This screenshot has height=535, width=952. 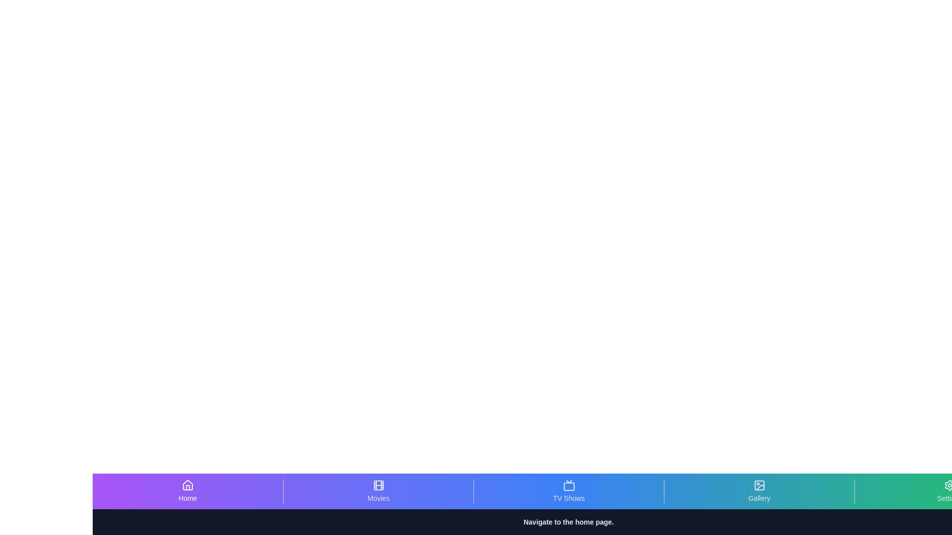 I want to click on the Movies tab to select it, so click(x=378, y=491).